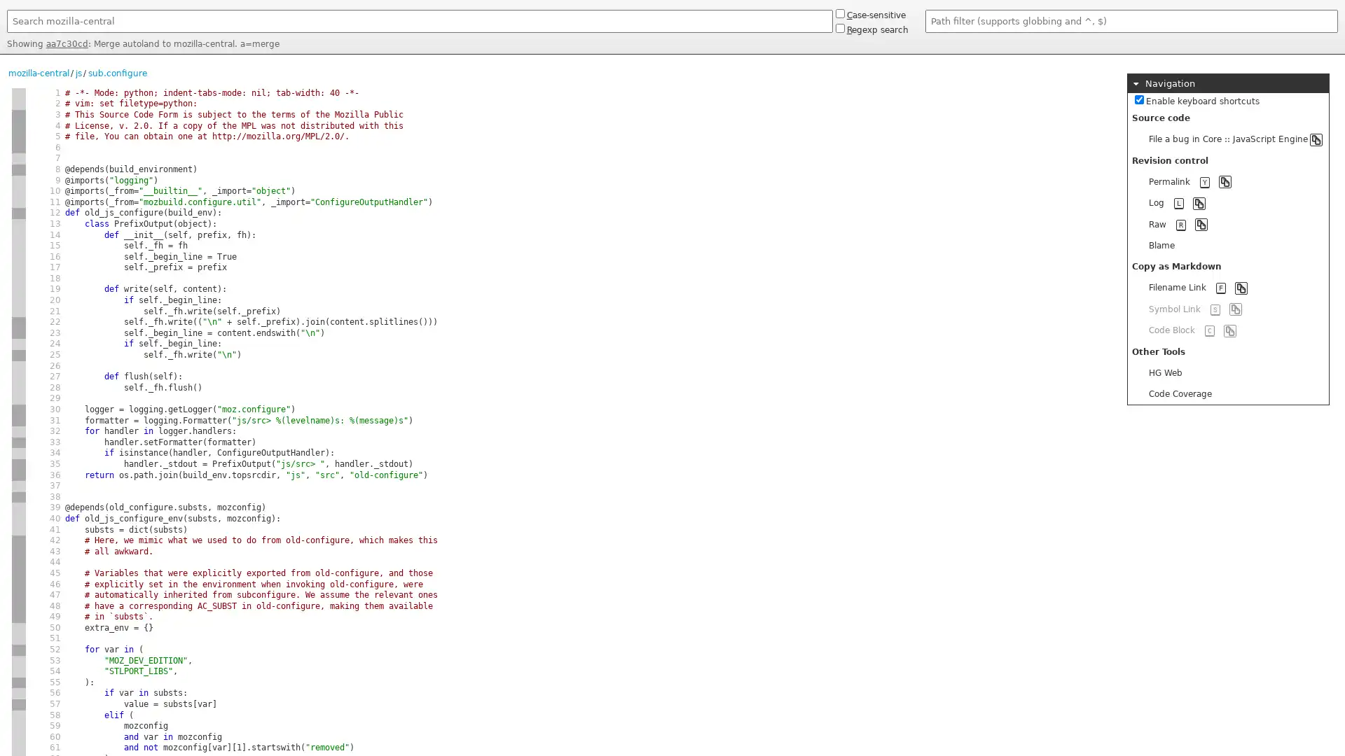  Describe the element at coordinates (19, 136) in the screenshot. I see `same hash 2` at that location.